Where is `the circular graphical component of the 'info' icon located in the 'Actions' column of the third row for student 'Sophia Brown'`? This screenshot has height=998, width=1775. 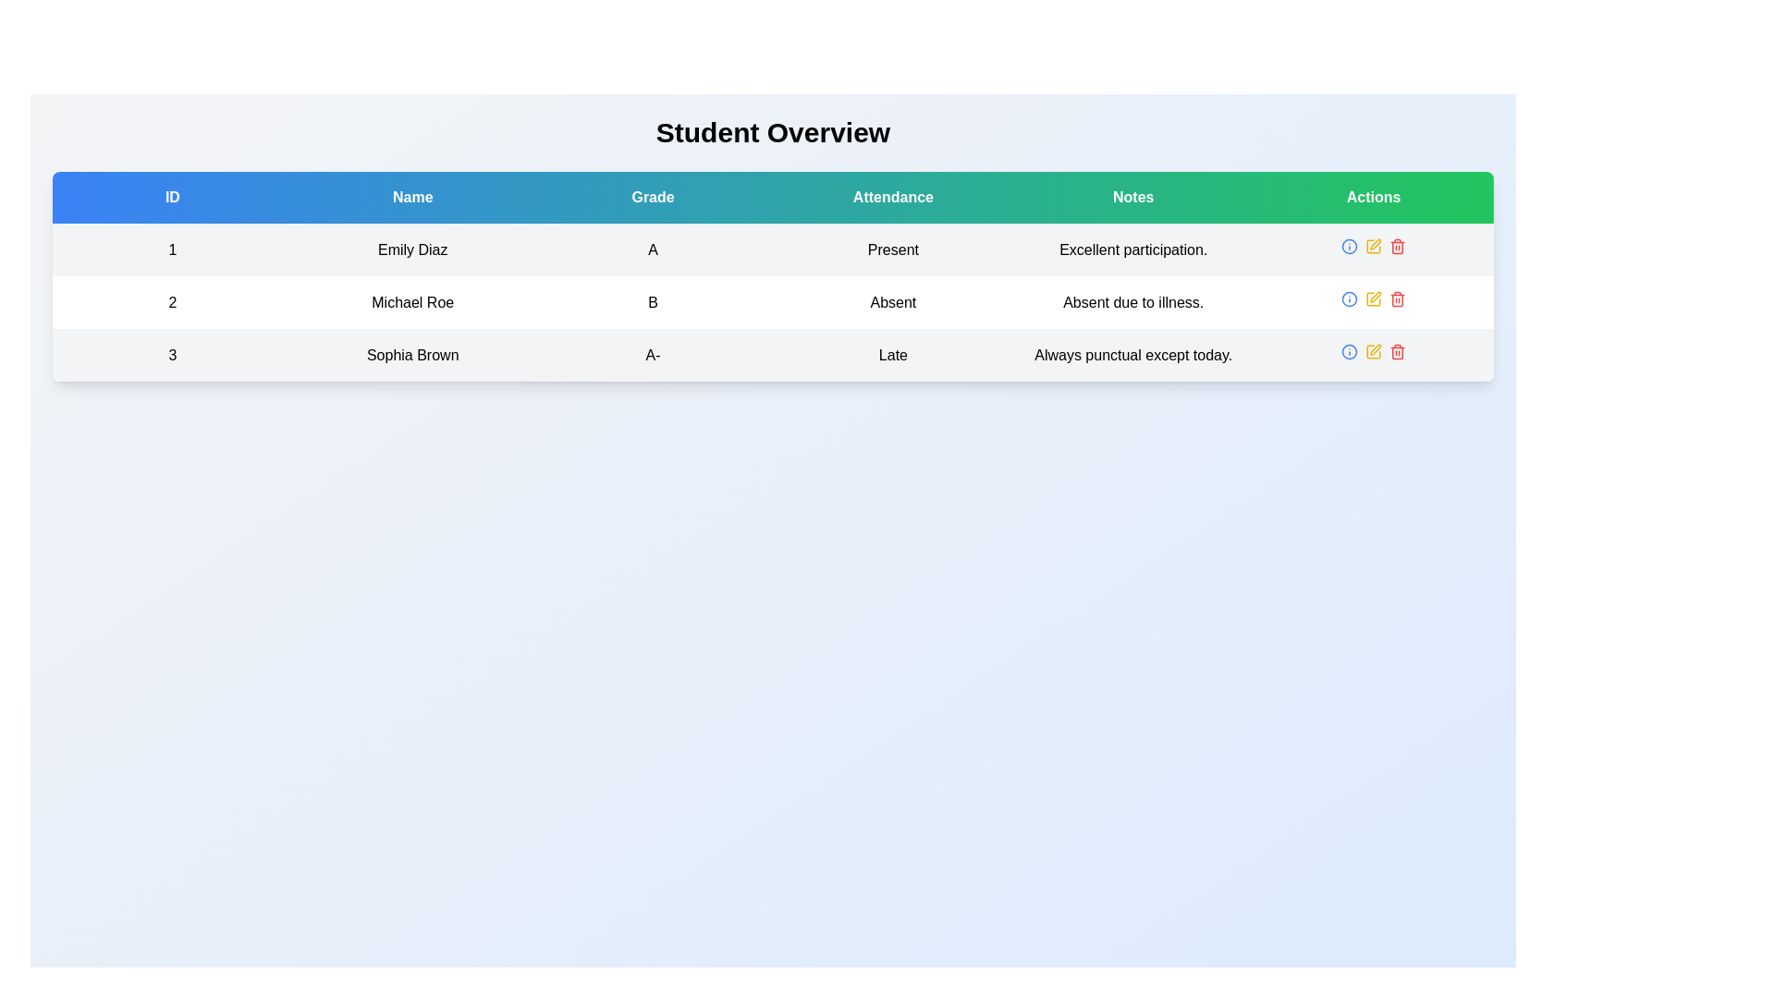
the circular graphical component of the 'info' icon located in the 'Actions' column of the third row for student 'Sophia Brown' is located at coordinates (1349, 298).